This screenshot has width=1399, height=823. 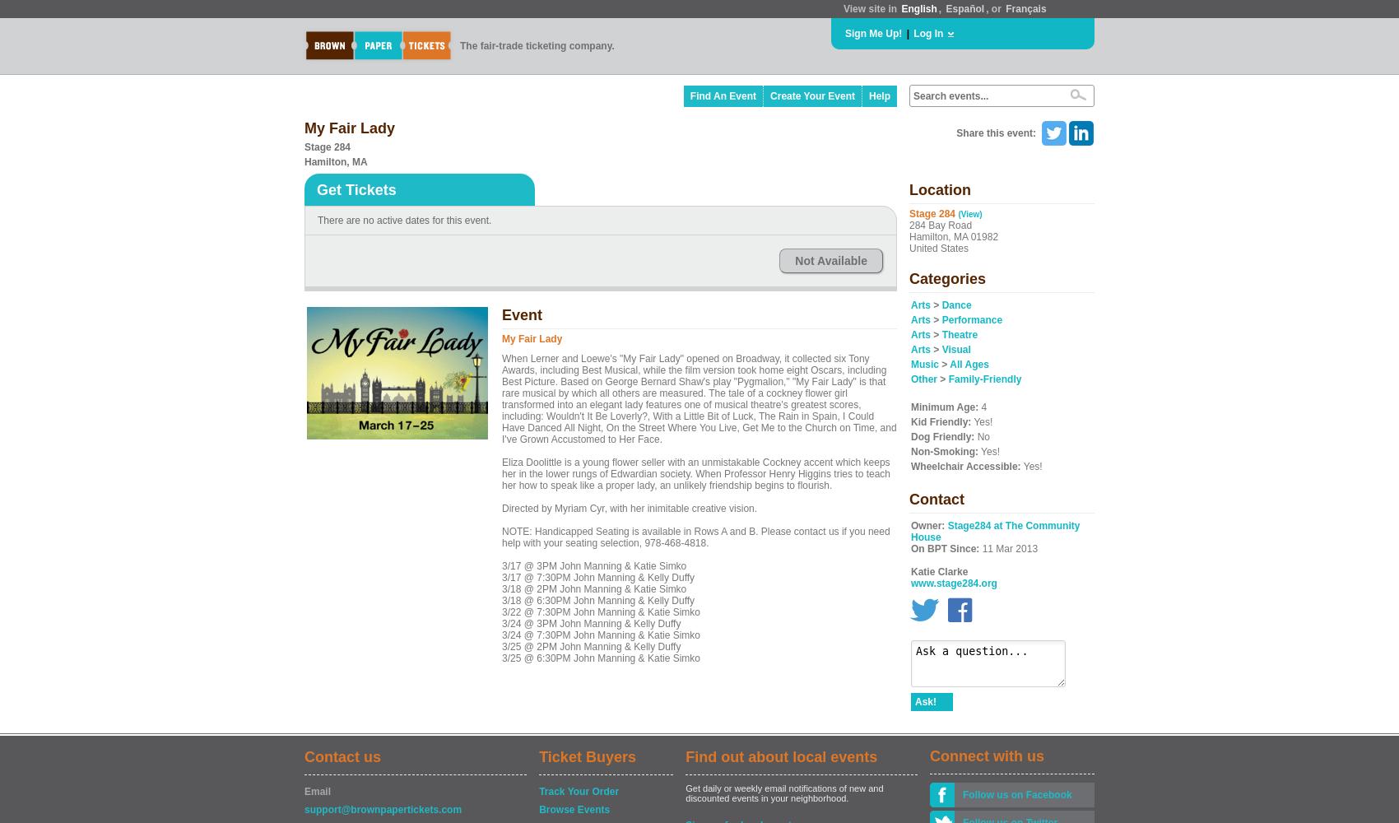 I want to click on 'Get daily or weekly email notifications of new and discounted events in your neighborhood.', so click(x=784, y=793).